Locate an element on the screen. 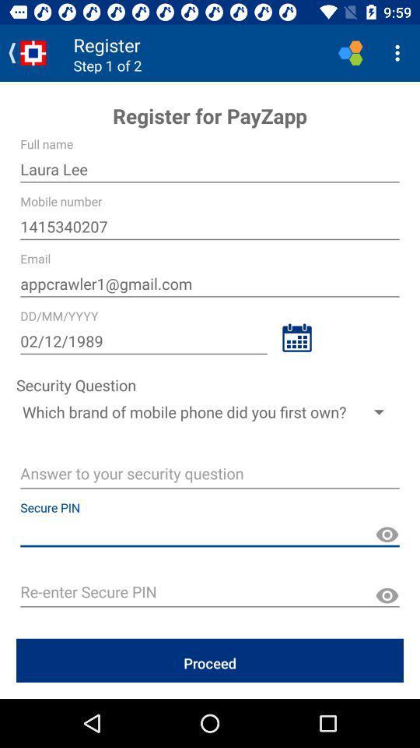 The width and height of the screenshot is (420, 748). text field below mobile number is located at coordinates (210, 225).